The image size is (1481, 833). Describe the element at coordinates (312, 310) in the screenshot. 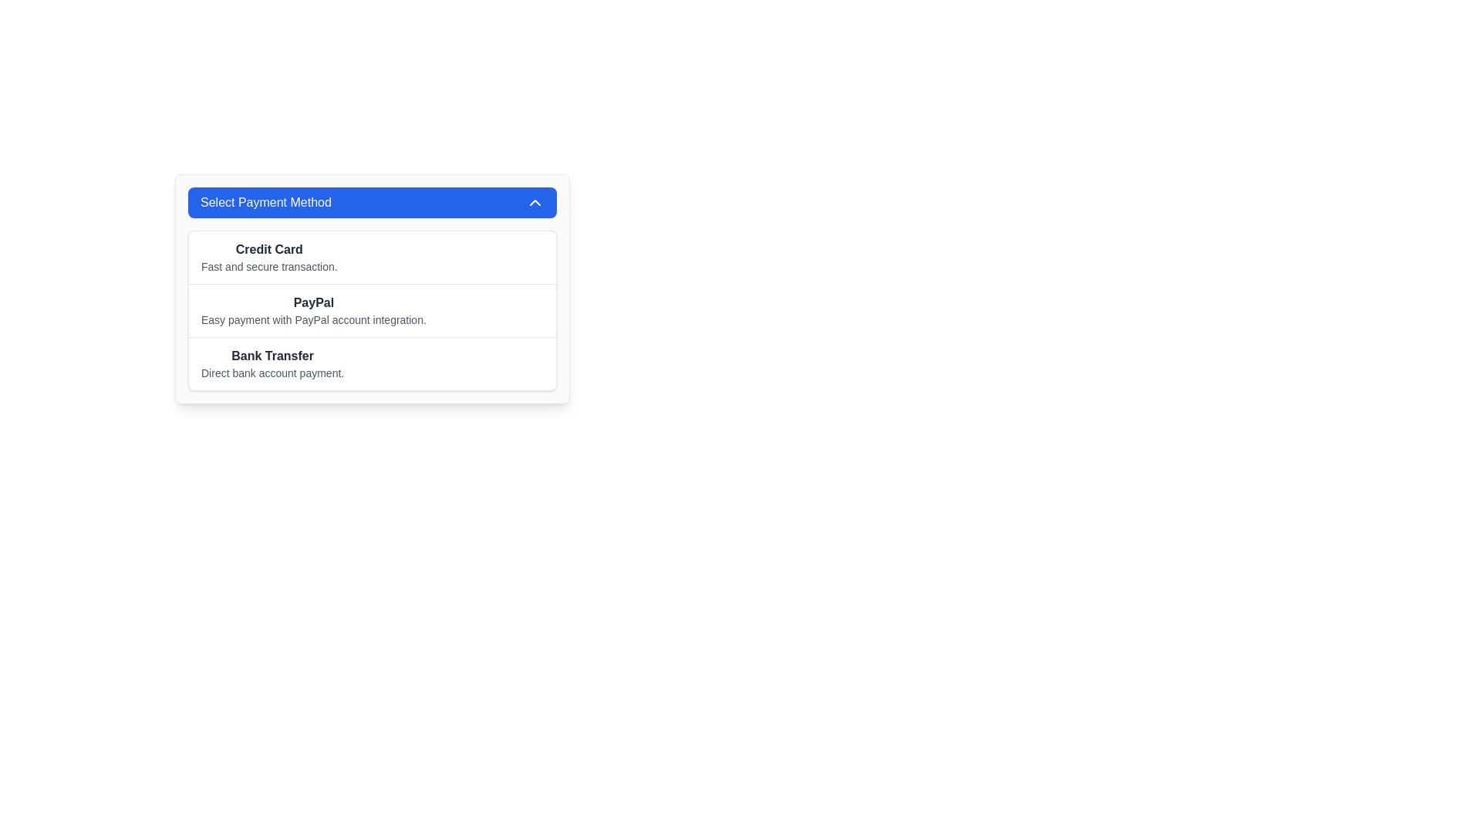

I see `the second selectable option in the payment methods list, which represents the PayPal payment method` at that location.